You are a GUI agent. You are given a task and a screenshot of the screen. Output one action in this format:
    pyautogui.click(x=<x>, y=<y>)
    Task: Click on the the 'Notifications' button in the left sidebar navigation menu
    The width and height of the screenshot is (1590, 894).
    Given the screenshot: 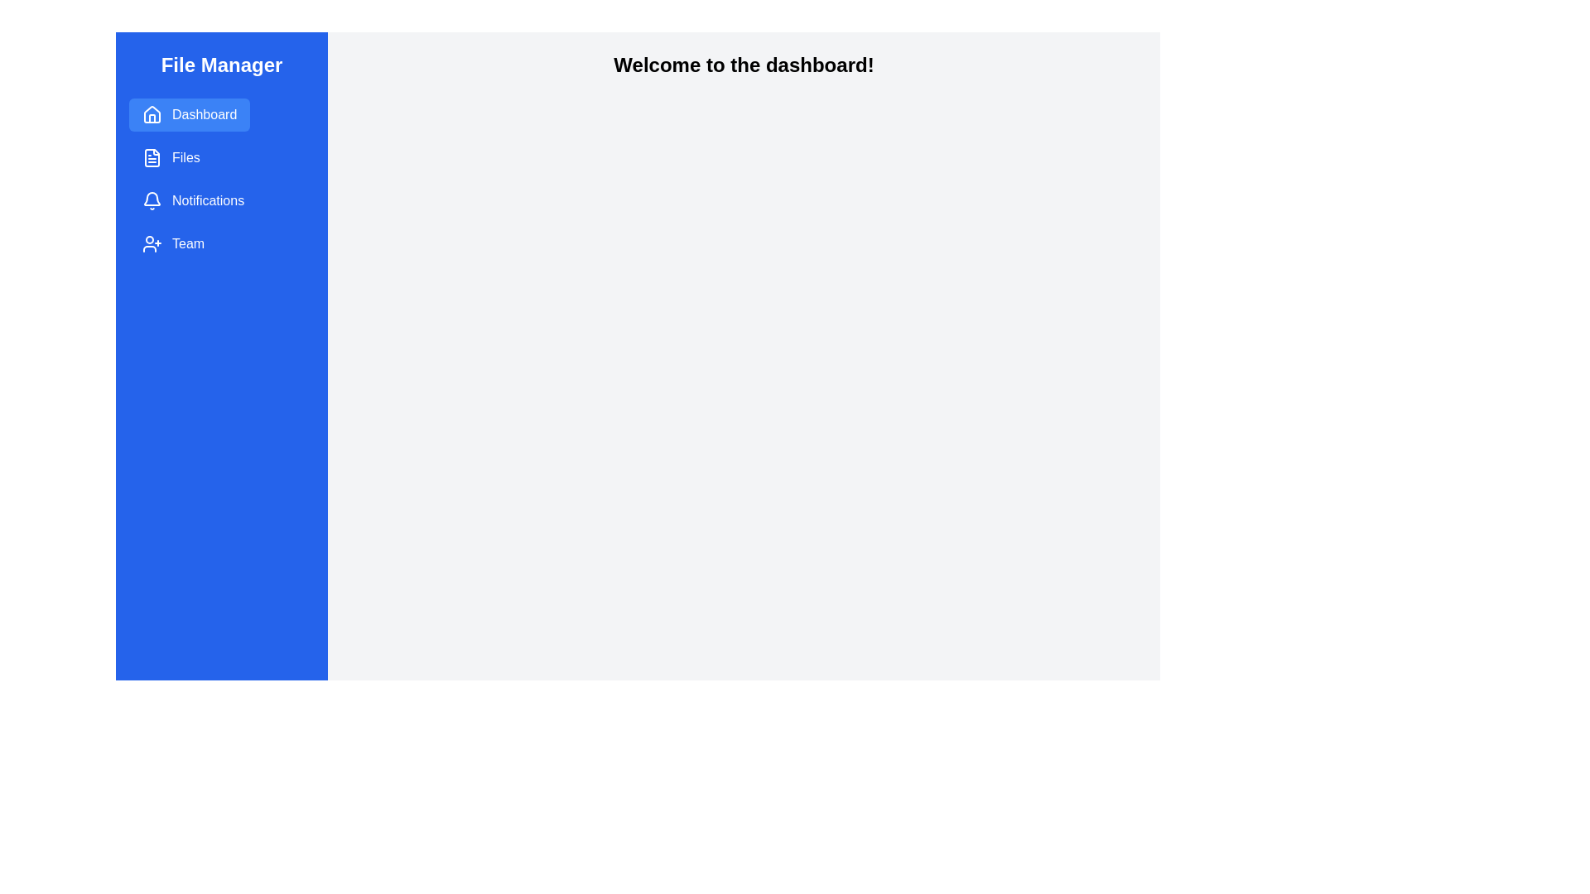 What is the action you would take?
    pyautogui.click(x=193, y=200)
    